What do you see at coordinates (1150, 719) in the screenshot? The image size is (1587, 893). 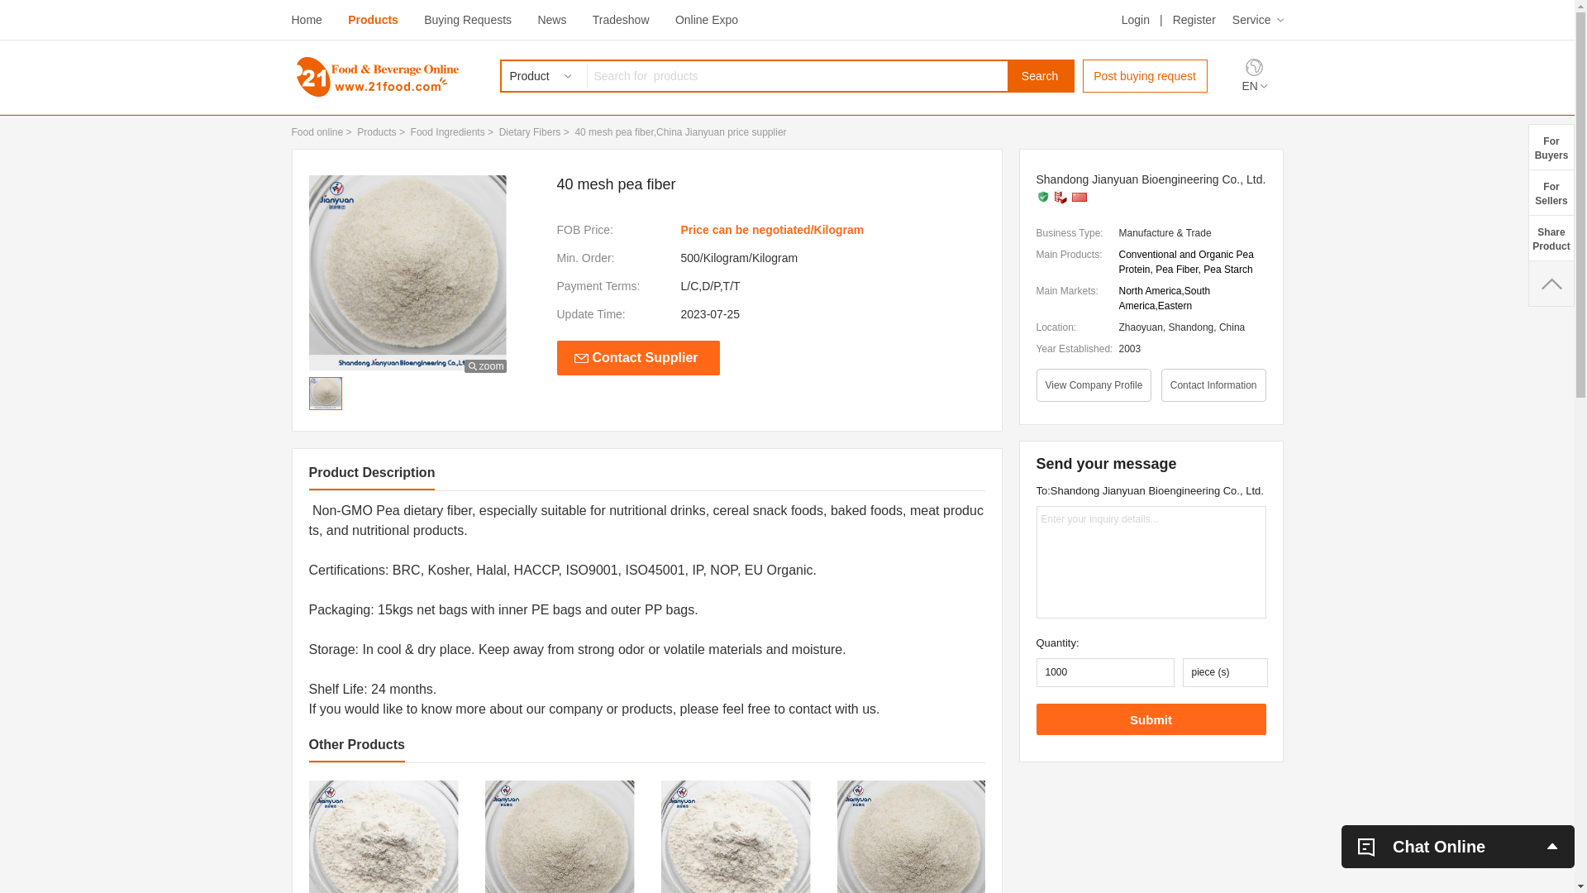 I see `'Submit'` at bounding box center [1150, 719].